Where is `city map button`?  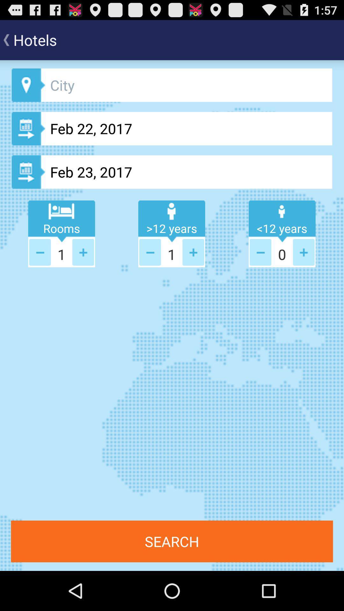 city map button is located at coordinates (172, 85).